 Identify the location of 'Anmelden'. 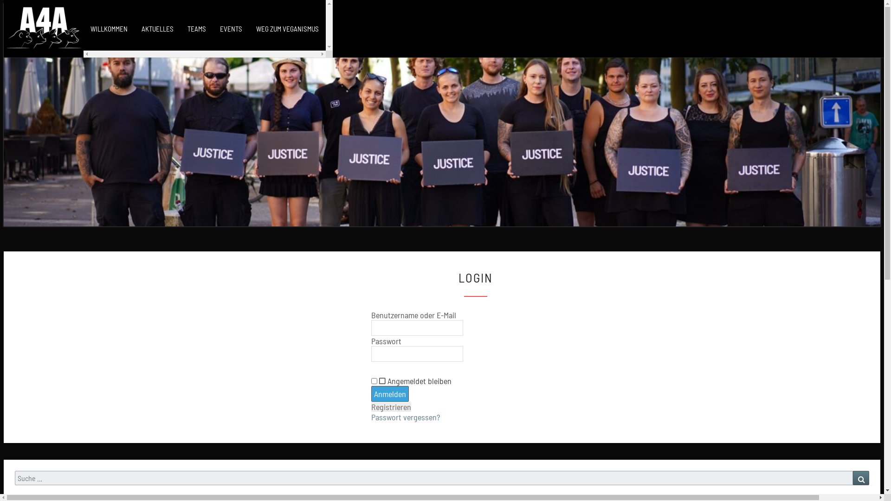
(390, 393).